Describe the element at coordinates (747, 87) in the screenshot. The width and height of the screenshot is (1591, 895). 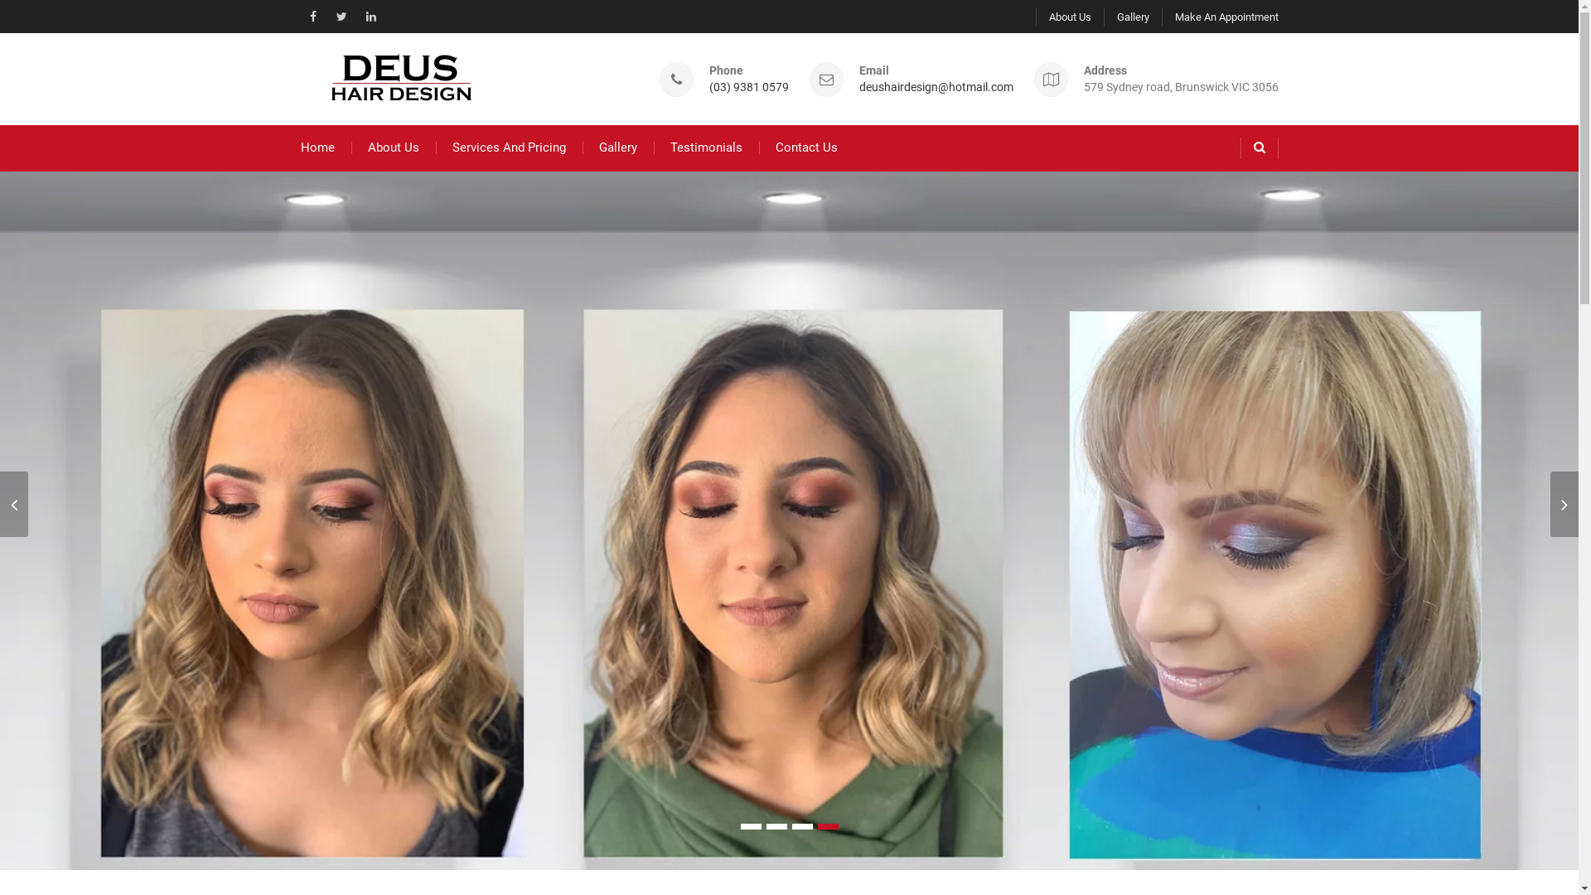
I see `'(03) 9381 0579'` at that location.